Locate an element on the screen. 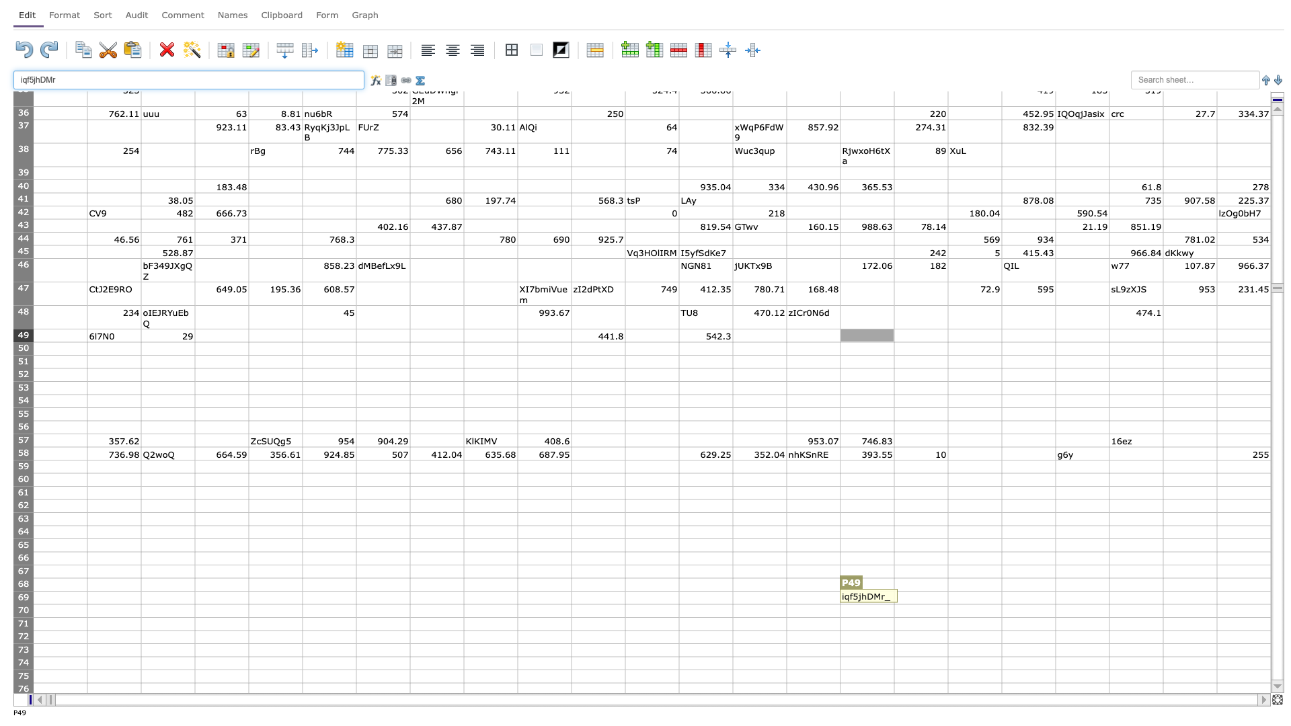 The image size is (1291, 726). Fill handle of cell R-69 is located at coordinates (1001, 603).